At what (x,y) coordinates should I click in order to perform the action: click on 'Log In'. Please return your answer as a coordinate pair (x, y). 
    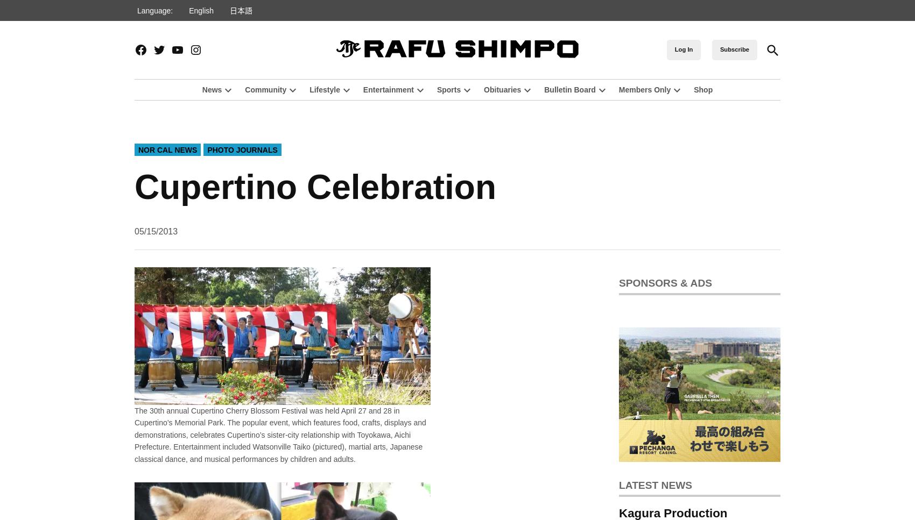
    Looking at the image, I should click on (683, 49).